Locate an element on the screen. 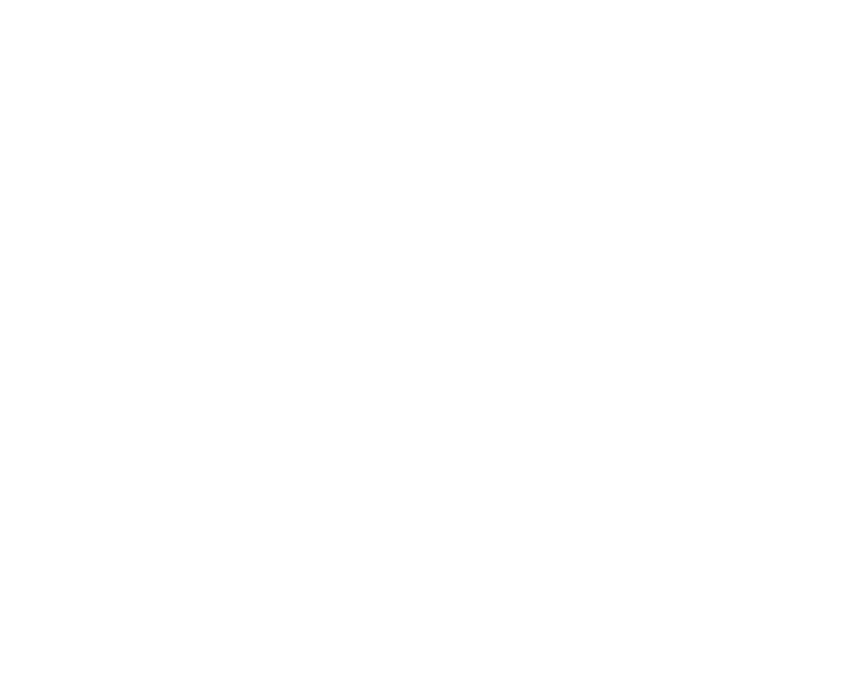 Image resolution: width=854 pixels, height=684 pixels. 'page to learn more.' is located at coordinates (527, 226).